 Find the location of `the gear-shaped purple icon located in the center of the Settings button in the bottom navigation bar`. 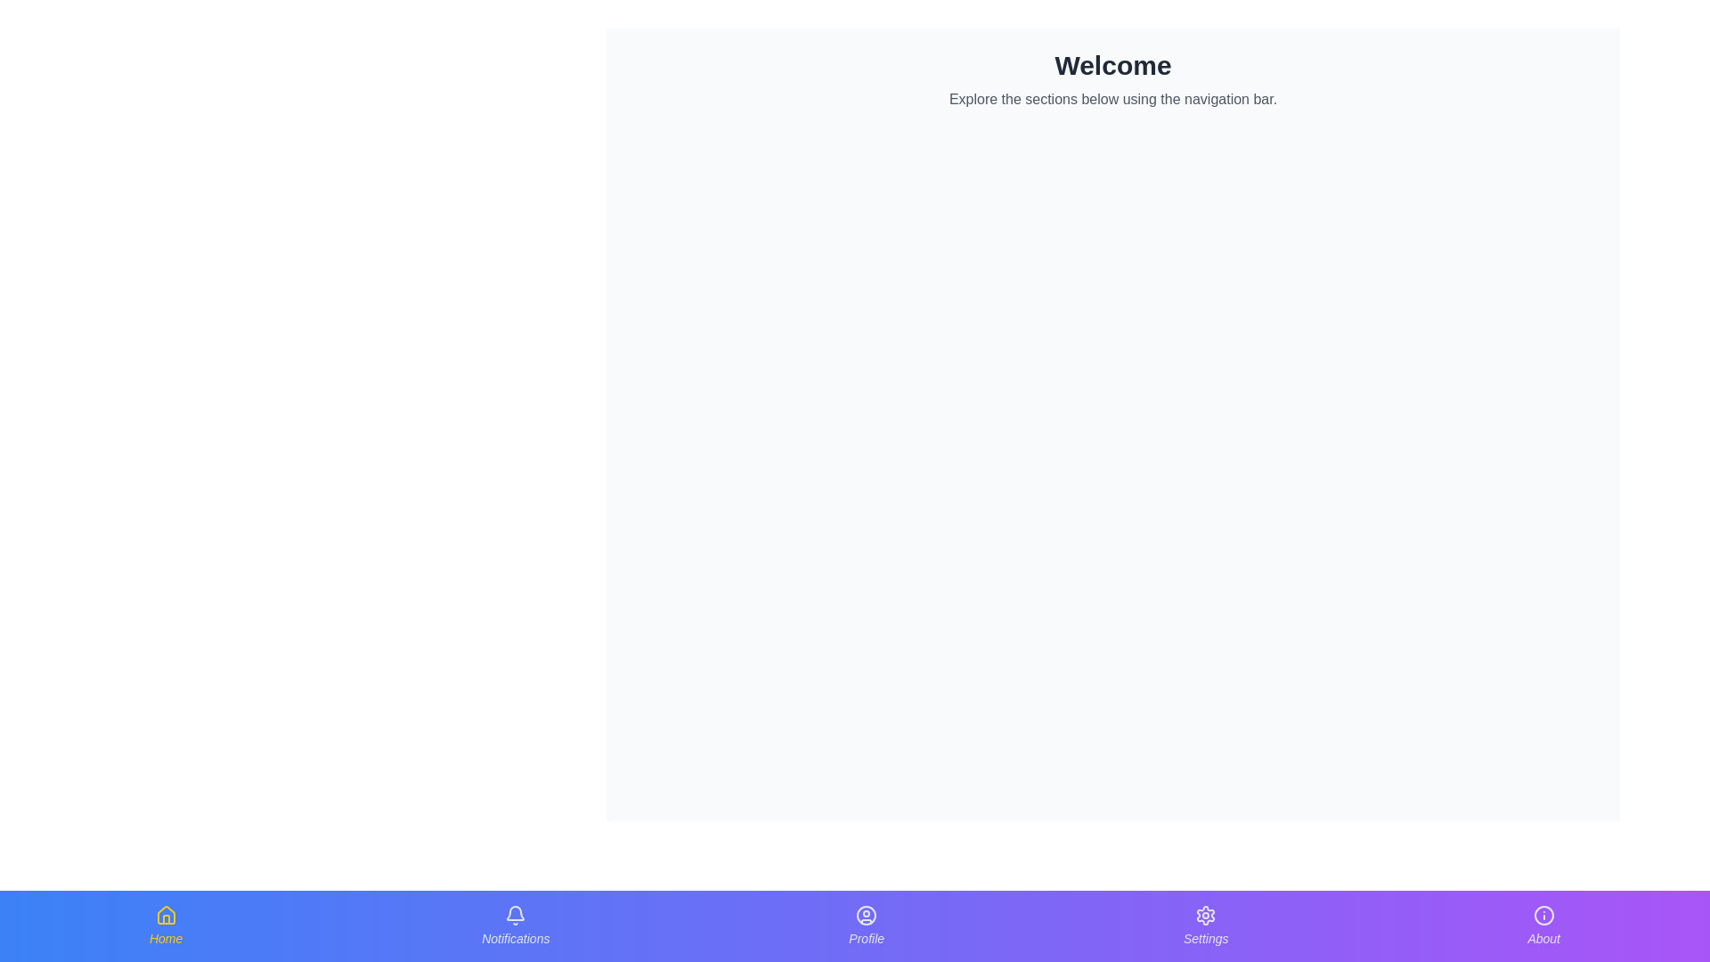

the gear-shaped purple icon located in the center of the Settings button in the bottom navigation bar is located at coordinates (1206, 916).